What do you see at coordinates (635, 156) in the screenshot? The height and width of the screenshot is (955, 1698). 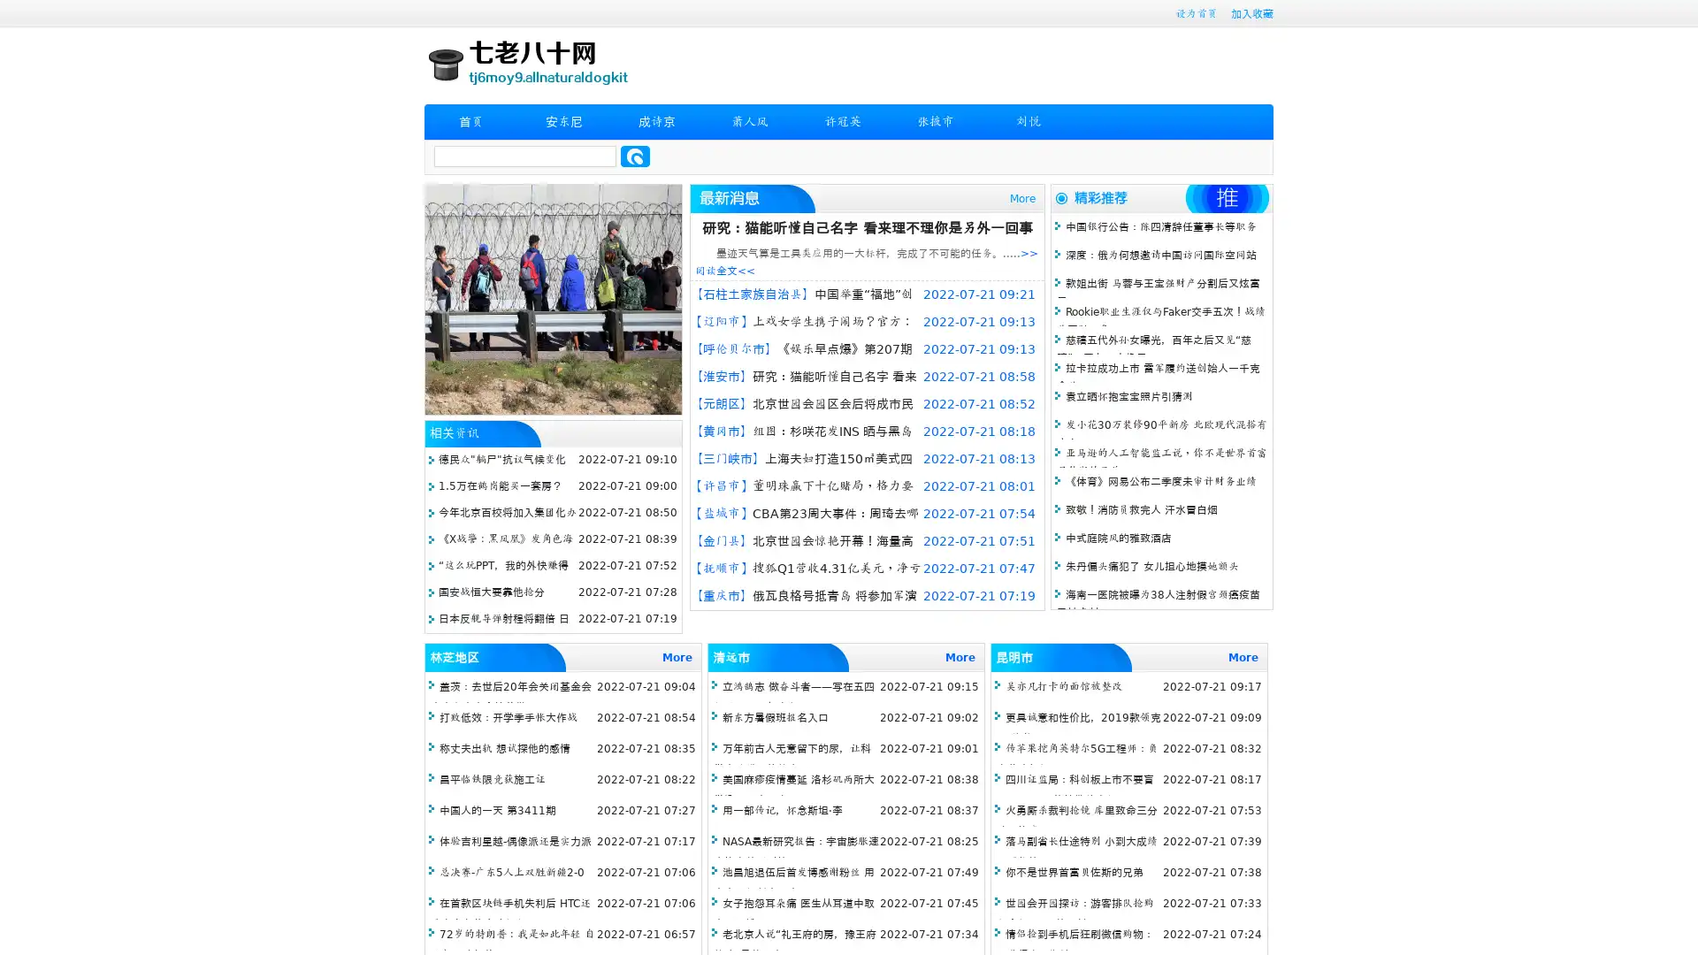 I see `Search` at bounding box center [635, 156].